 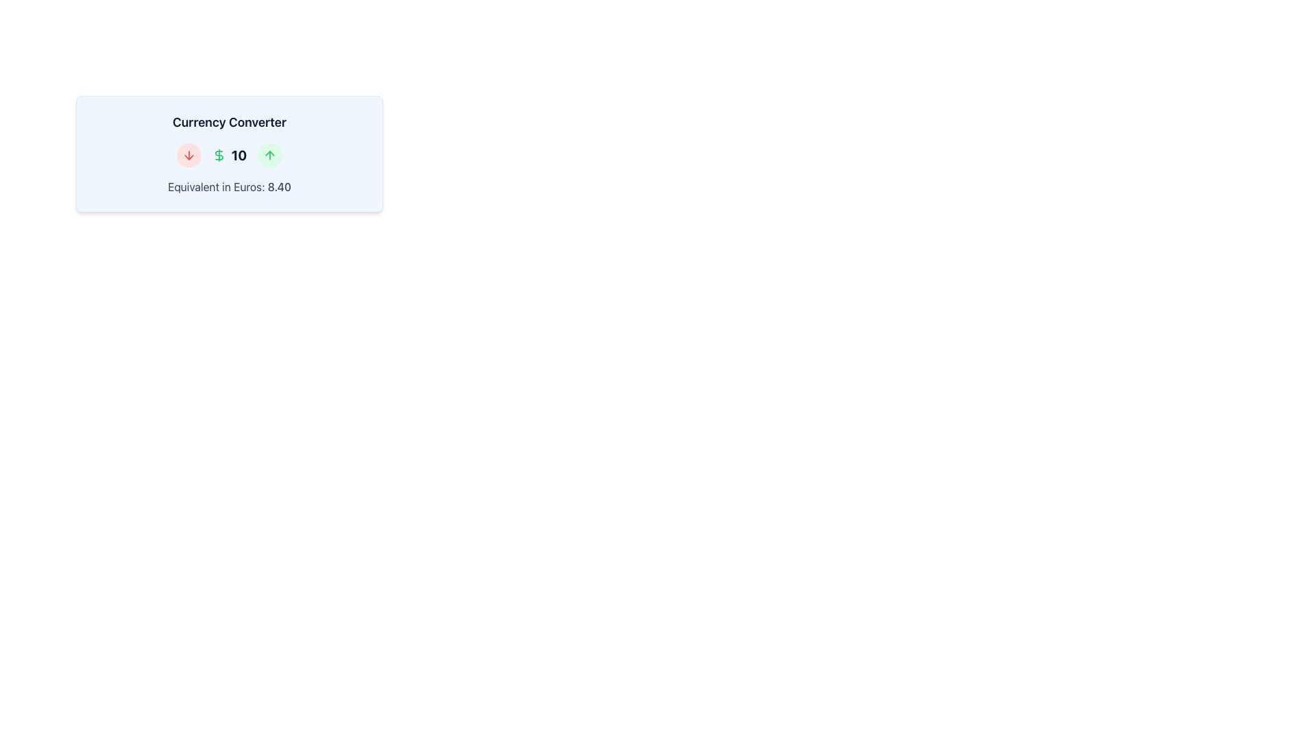 I want to click on the text label displaying '8.40', which is part of the descriptive line 'Equivalent in Euros:' inside a white card component with a light blue background, so click(x=278, y=187).